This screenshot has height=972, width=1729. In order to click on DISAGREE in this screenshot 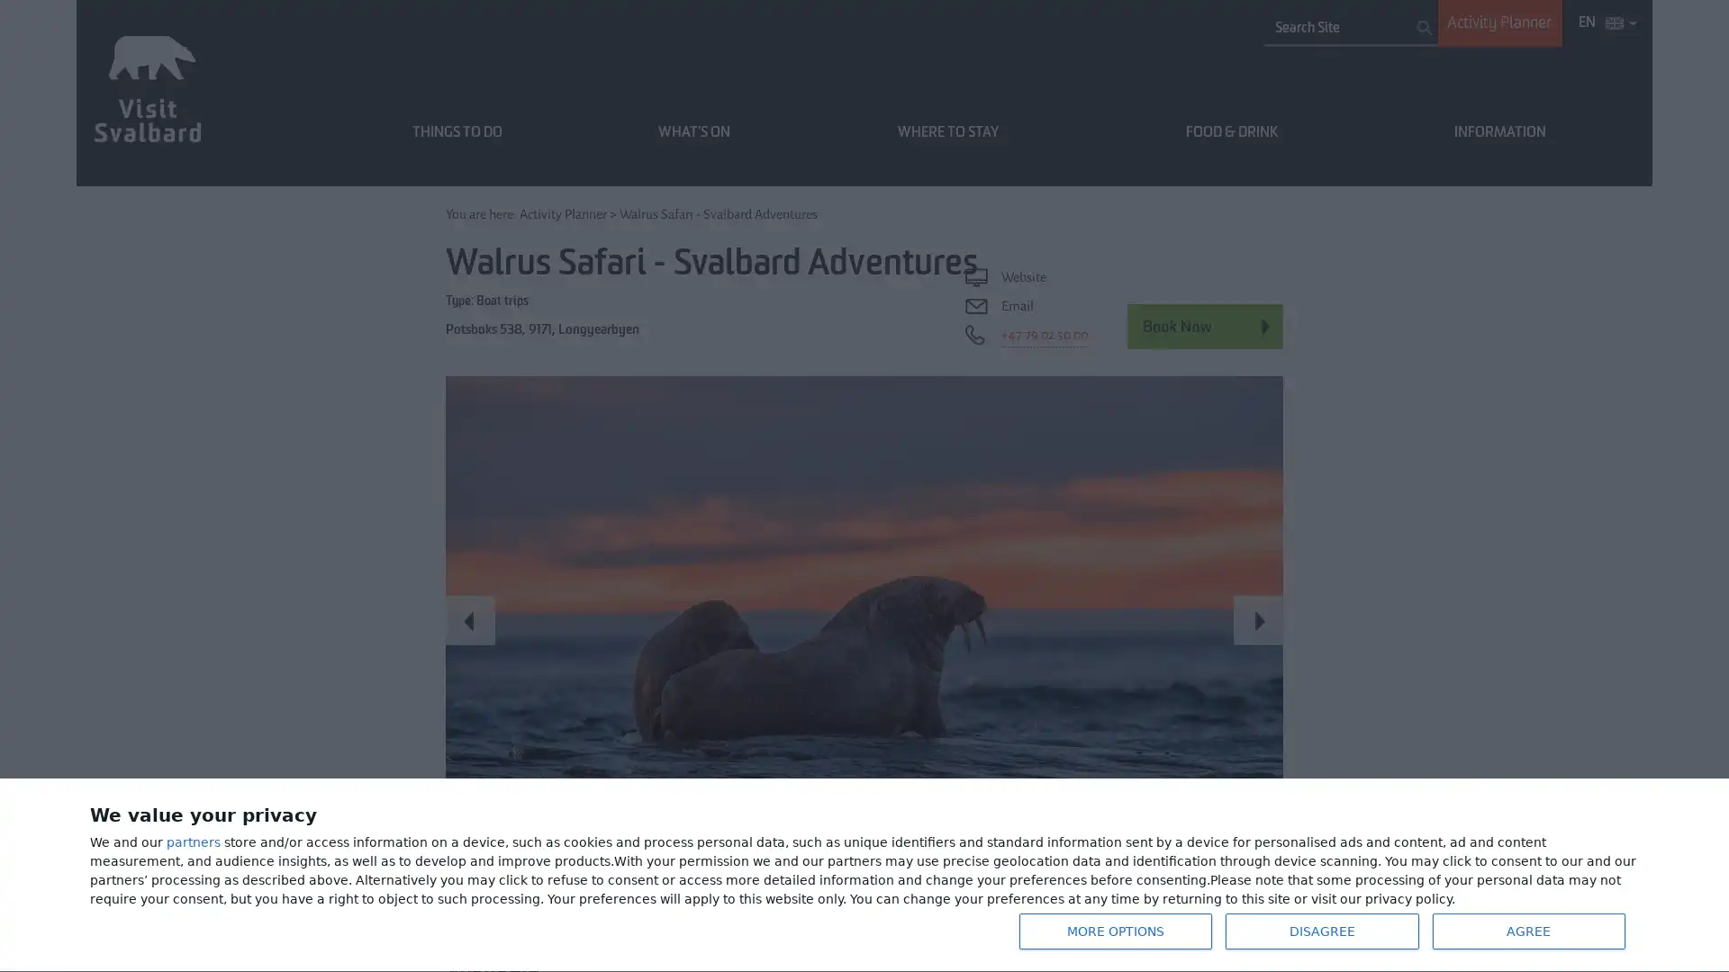, I will do `click(1322, 931)`.